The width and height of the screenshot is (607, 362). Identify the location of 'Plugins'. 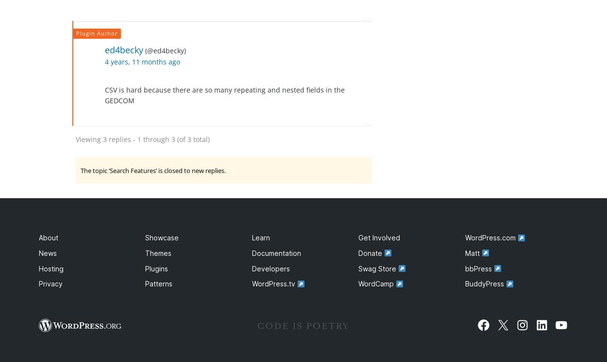
(156, 268).